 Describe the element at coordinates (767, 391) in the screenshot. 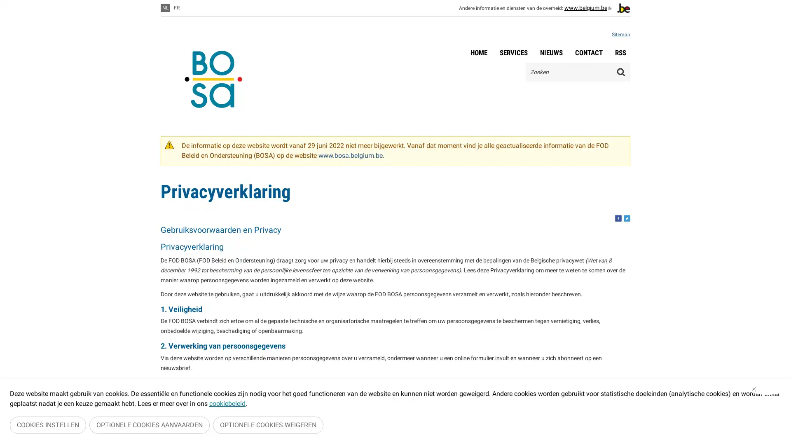

I see `Sluiten` at that location.